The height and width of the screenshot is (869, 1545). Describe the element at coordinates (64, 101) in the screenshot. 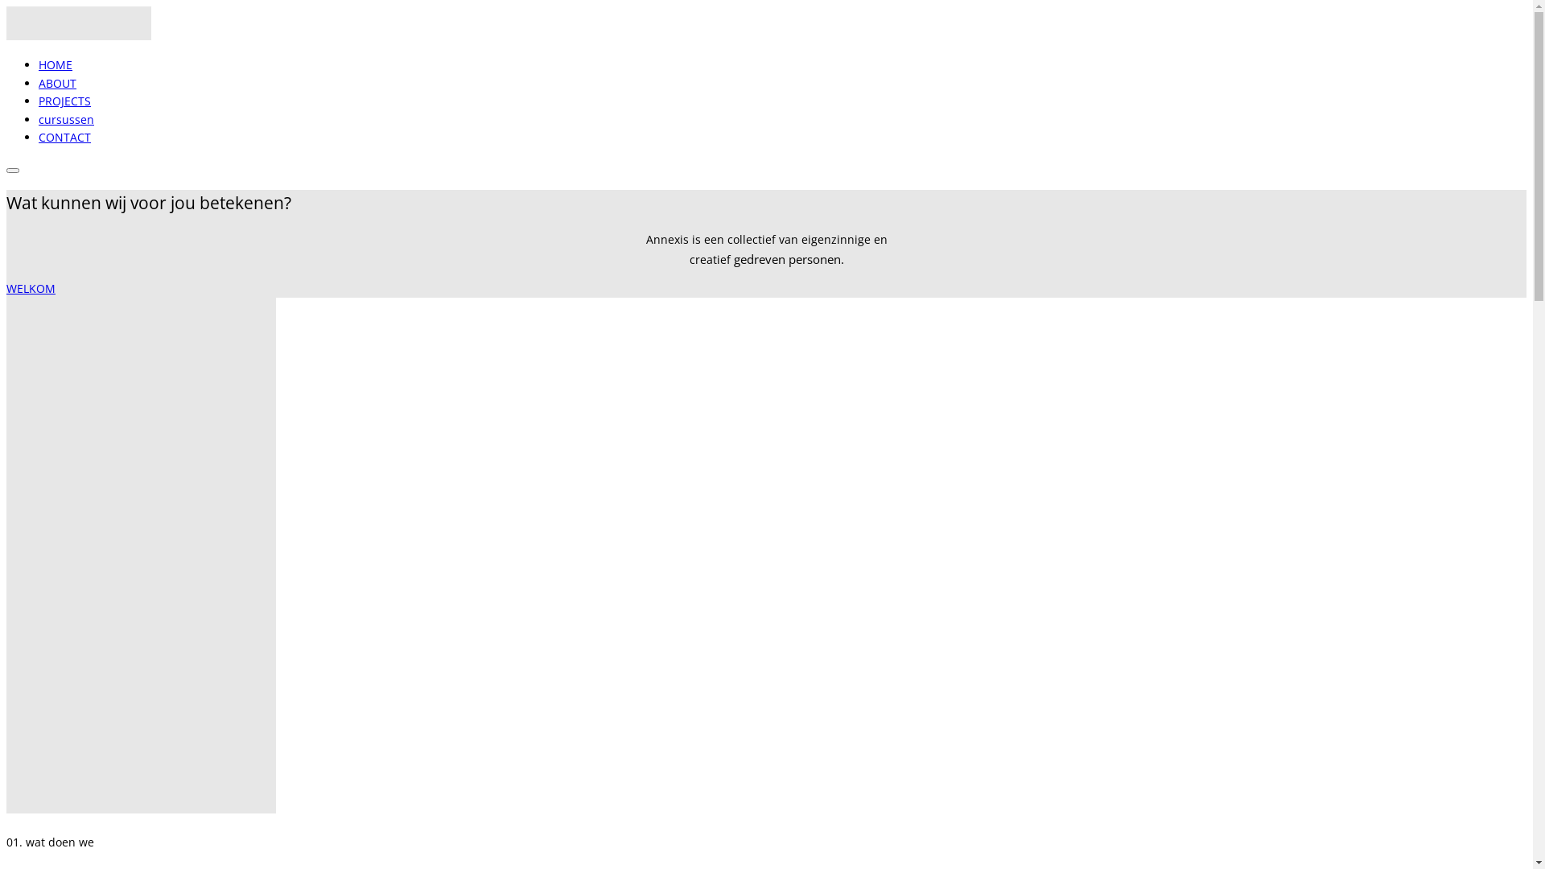

I see `'PROJECTS'` at that location.